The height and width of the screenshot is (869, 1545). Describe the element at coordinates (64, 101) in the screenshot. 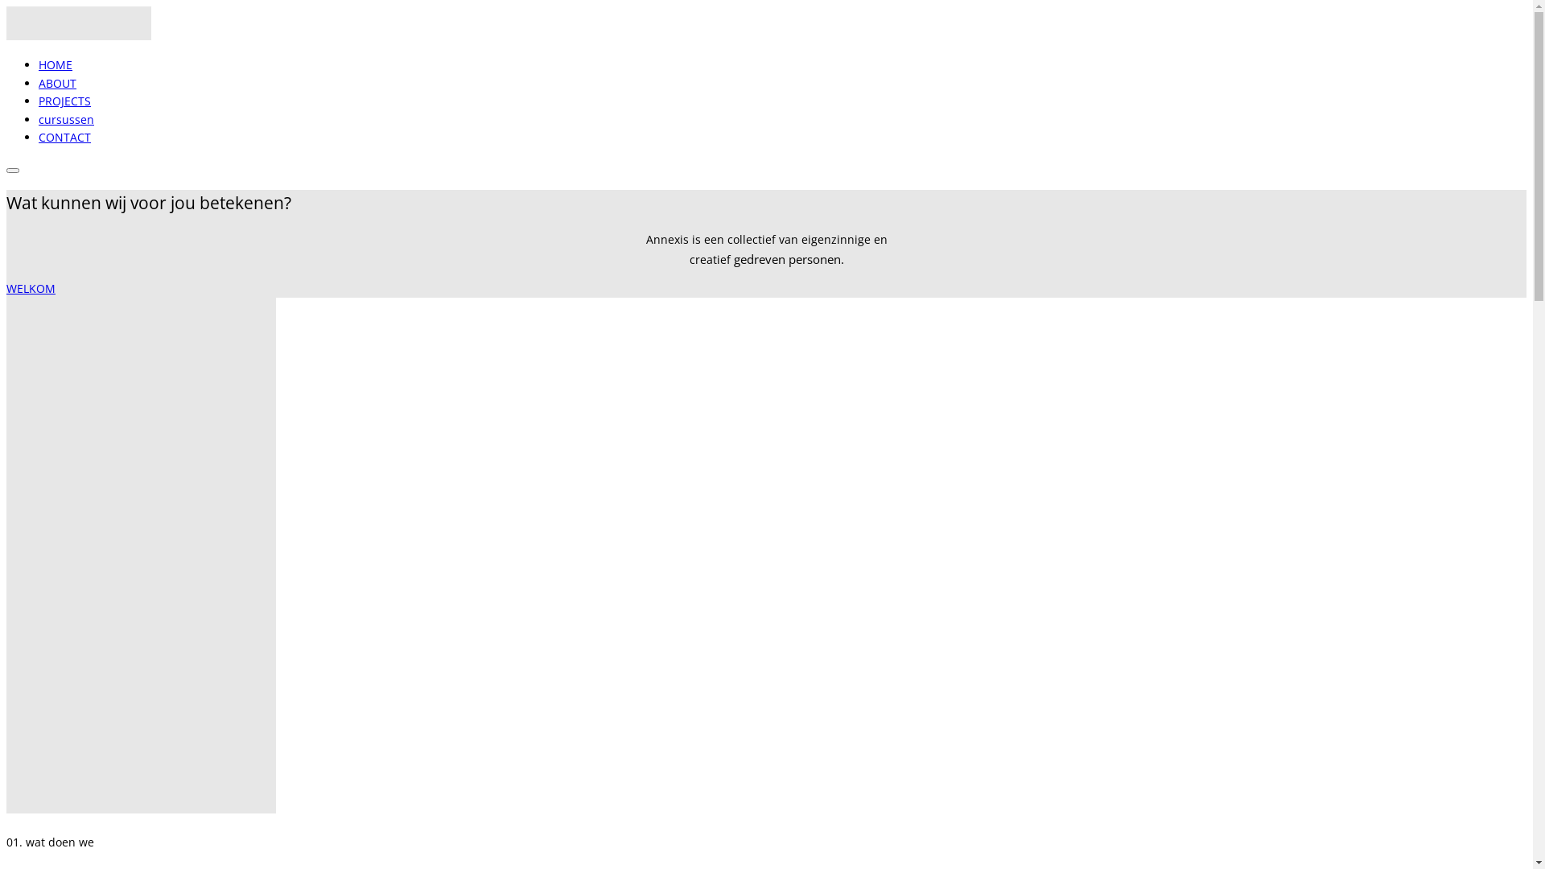

I see `'PROJECTS'` at that location.